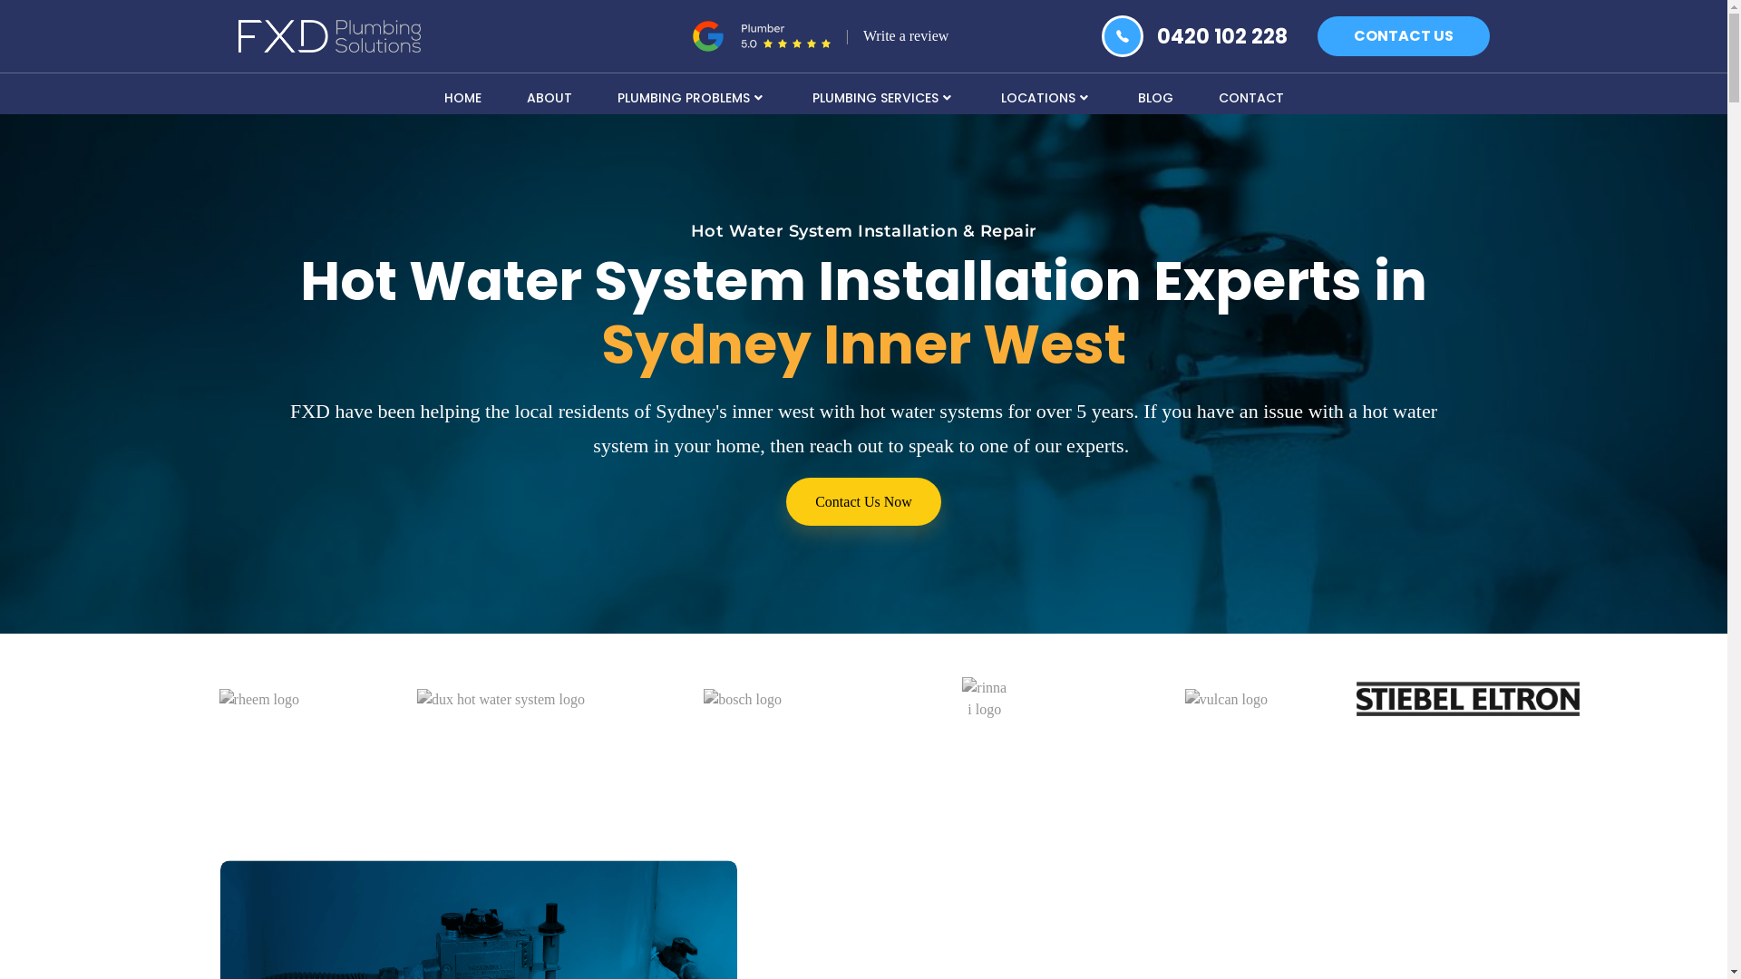 The image size is (1741, 979). Describe the element at coordinates (258, 698) in the screenshot. I see `'rheem logo'` at that location.